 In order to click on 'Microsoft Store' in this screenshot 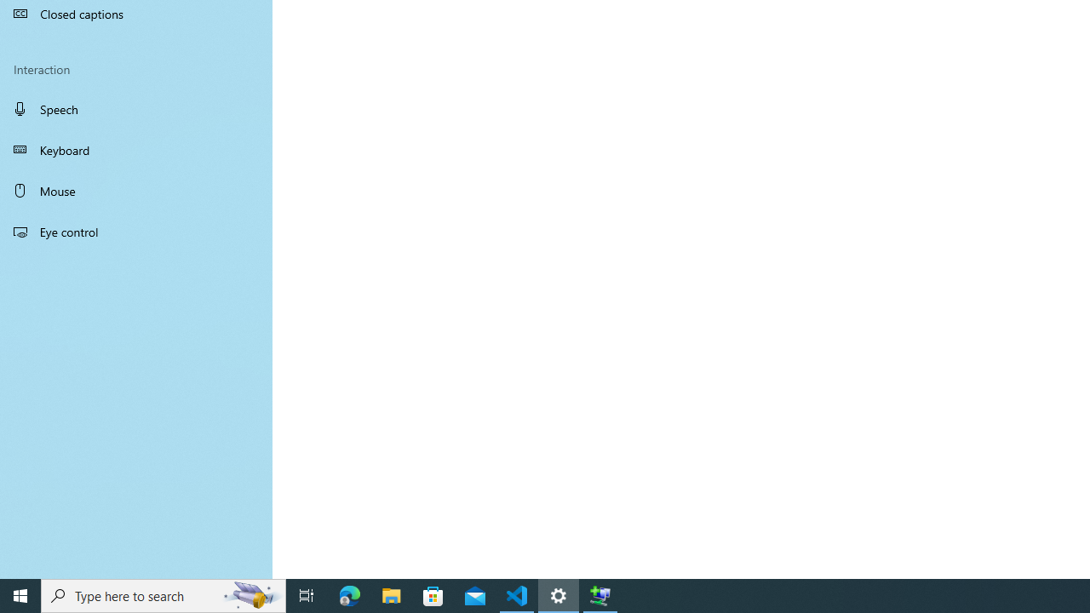, I will do `click(433, 594)`.